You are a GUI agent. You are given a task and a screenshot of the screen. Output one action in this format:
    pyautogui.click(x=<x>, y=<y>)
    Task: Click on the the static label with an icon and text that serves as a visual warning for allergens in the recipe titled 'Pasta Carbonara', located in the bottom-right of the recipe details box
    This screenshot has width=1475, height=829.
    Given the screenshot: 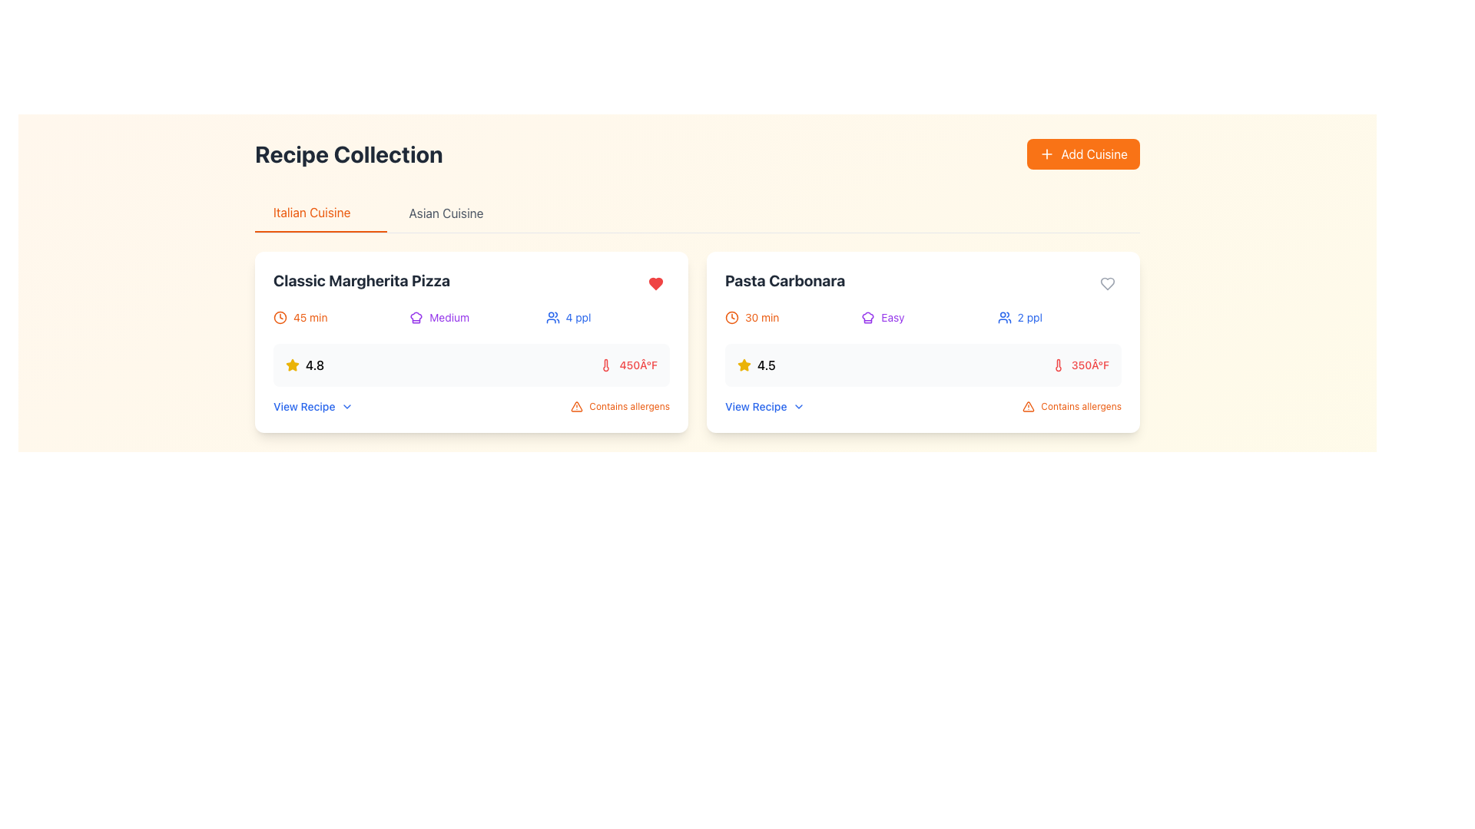 What is the action you would take?
    pyautogui.click(x=620, y=405)
    